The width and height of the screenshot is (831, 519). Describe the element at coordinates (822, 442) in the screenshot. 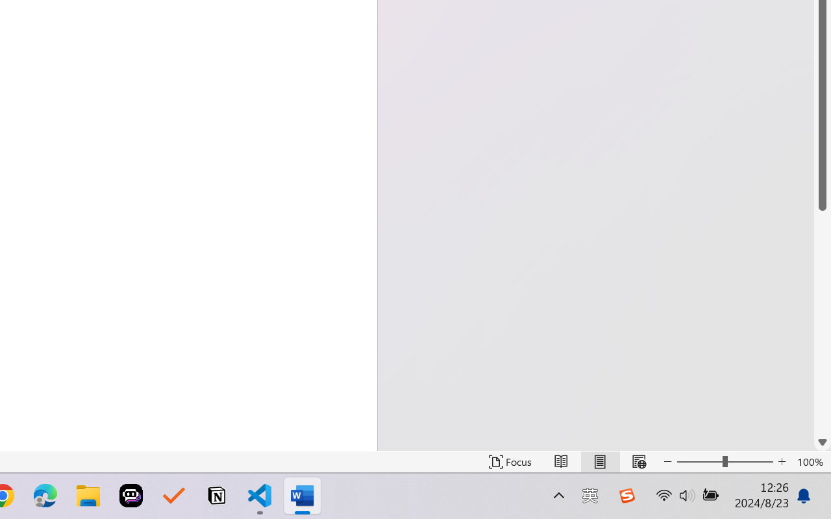

I see `'Line down'` at that location.